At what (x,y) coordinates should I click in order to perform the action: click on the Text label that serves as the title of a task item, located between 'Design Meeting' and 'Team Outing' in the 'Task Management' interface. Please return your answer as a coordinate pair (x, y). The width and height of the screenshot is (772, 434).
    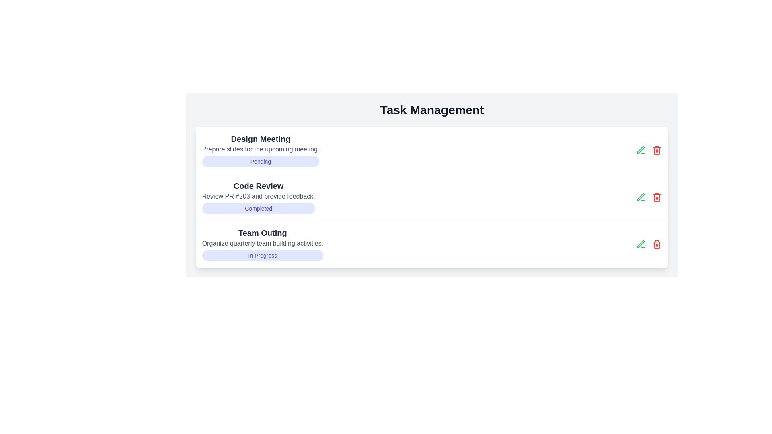
    Looking at the image, I should click on (259, 186).